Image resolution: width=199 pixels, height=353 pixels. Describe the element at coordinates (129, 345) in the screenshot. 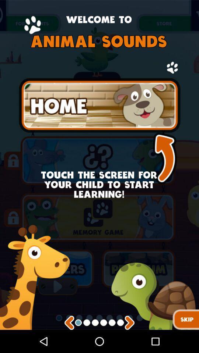

I see `the av_forward icon` at that location.